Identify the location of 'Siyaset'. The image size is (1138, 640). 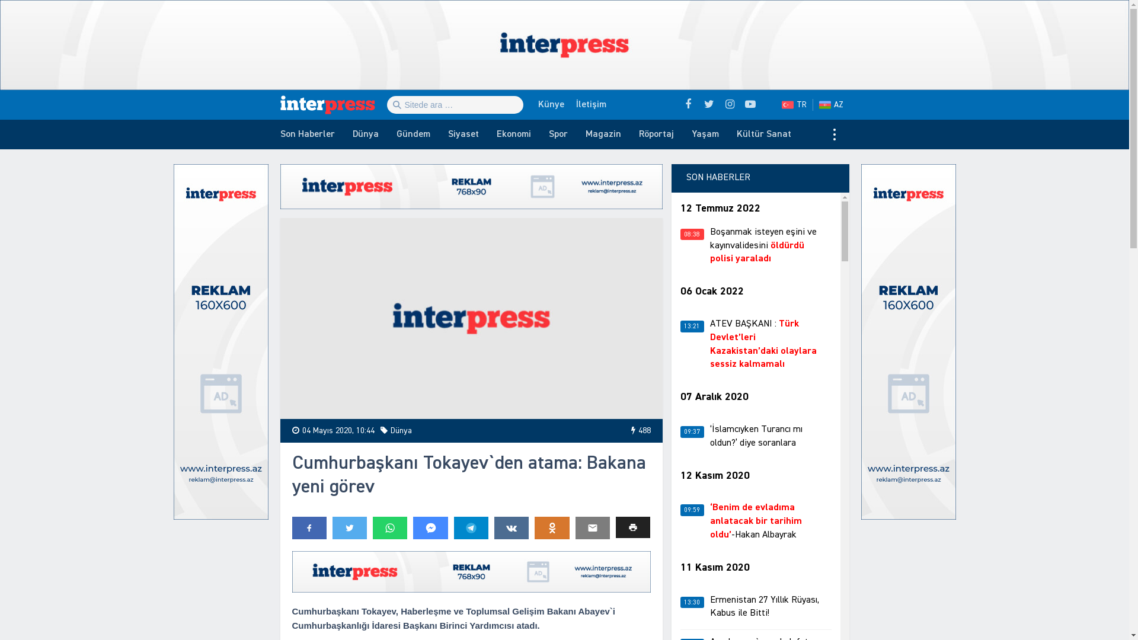
(462, 134).